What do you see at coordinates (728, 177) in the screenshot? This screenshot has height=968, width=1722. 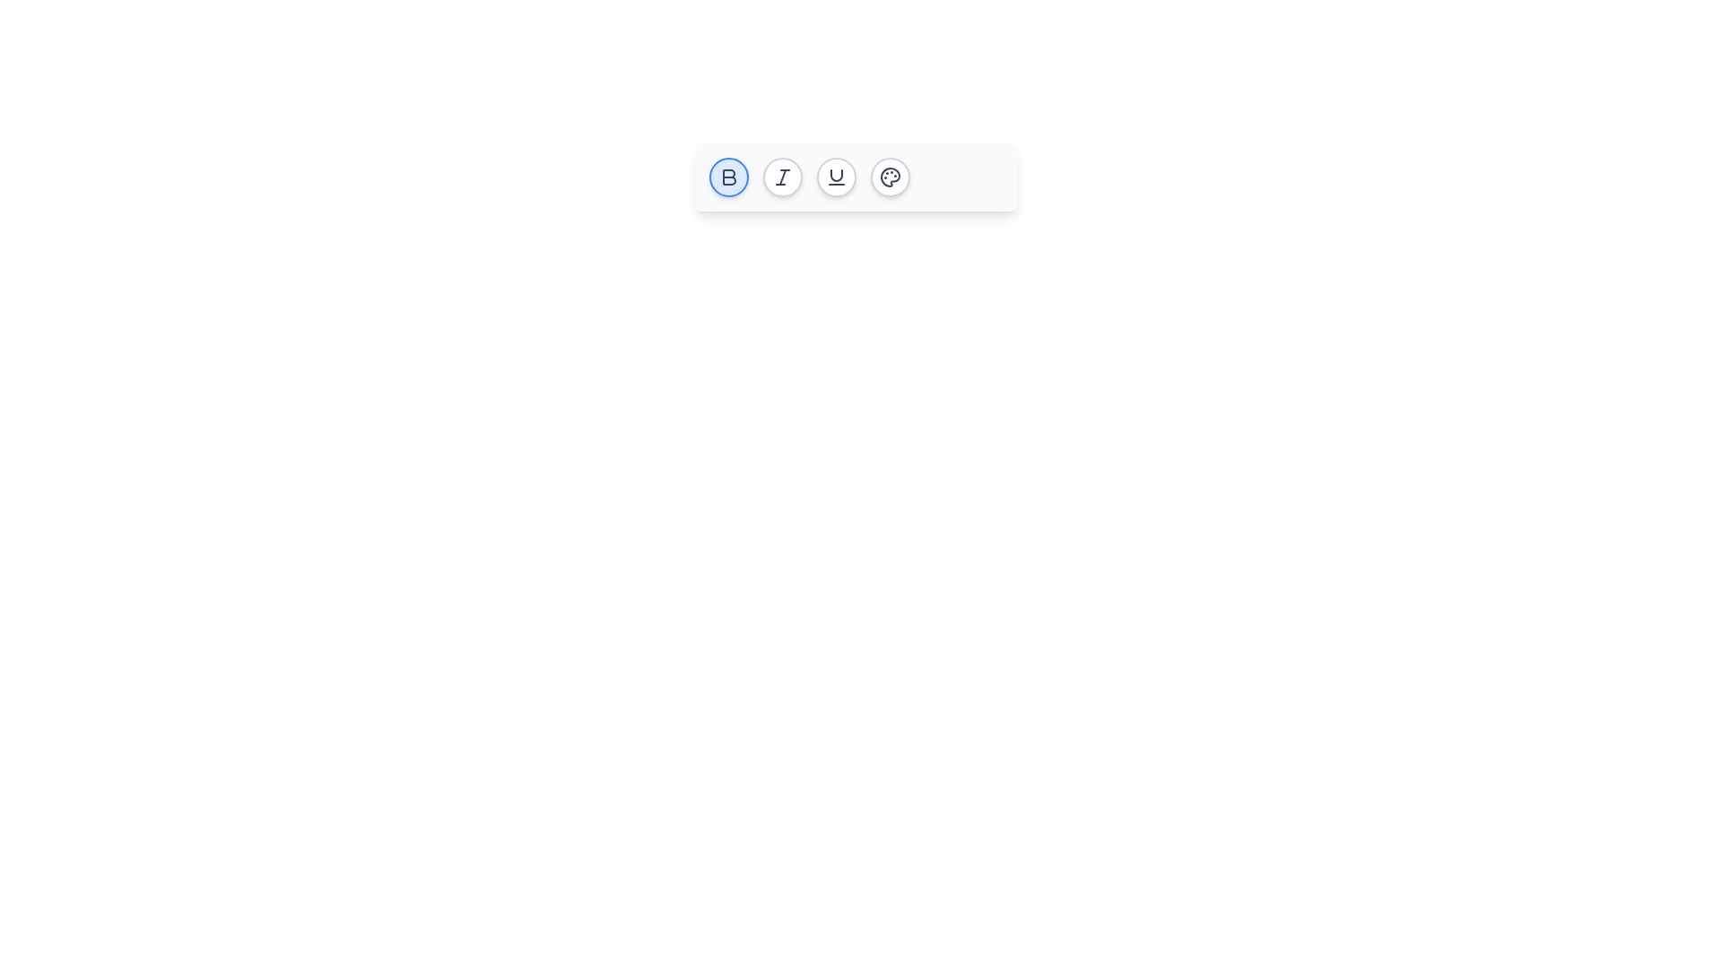 I see `the bold text toggle button located at the top-left of the horizontal toolbar to apply or remove bold styling to the highlighted text` at bounding box center [728, 177].